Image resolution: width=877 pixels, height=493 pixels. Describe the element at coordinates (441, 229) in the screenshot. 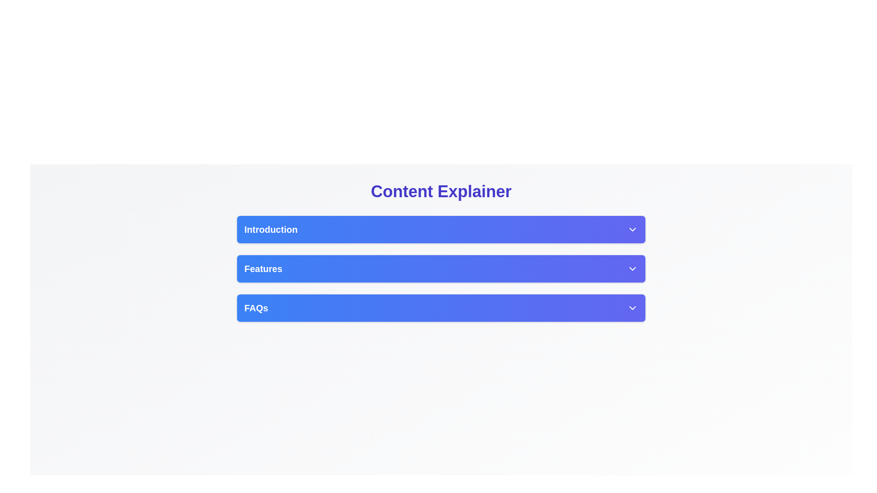

I see `the arrow icon of the 'Introduction' Collapsible Header` at that location.